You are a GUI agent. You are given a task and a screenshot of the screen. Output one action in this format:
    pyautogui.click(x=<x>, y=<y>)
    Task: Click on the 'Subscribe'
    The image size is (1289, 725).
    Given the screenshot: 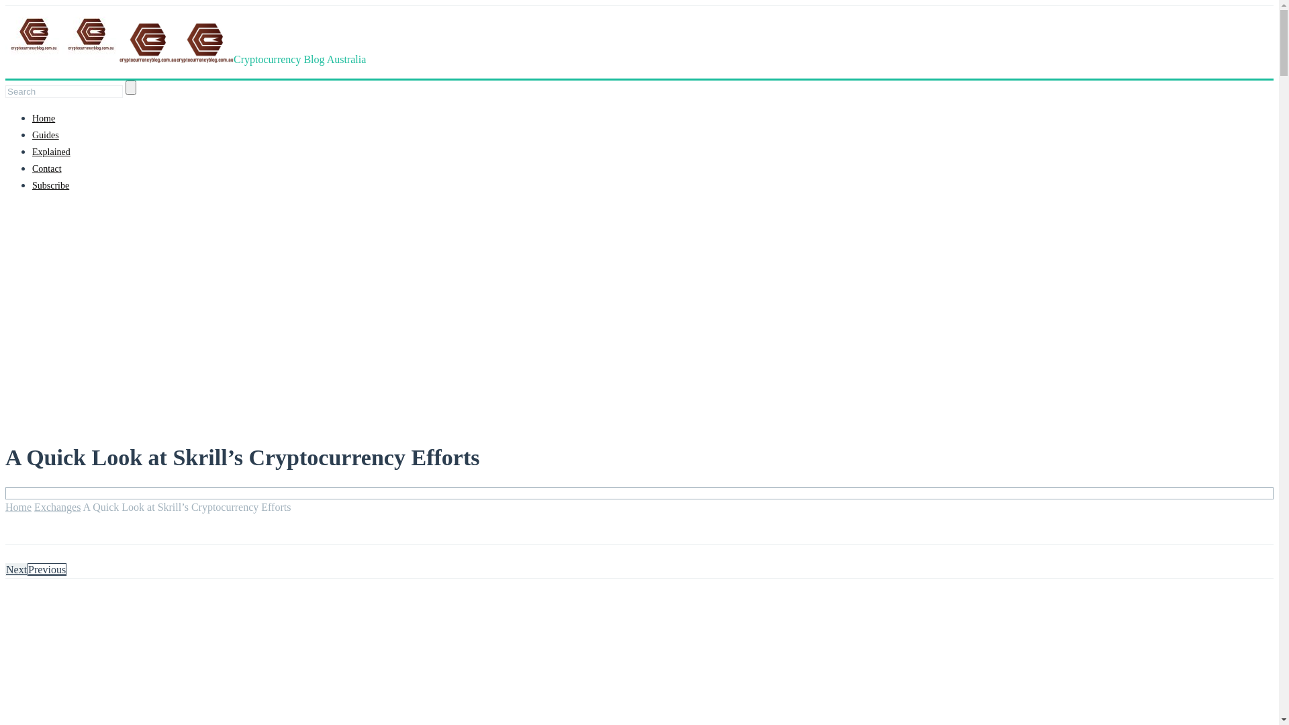 What is the action you would take?
    pyautogui.click(x=32, y=185)
    